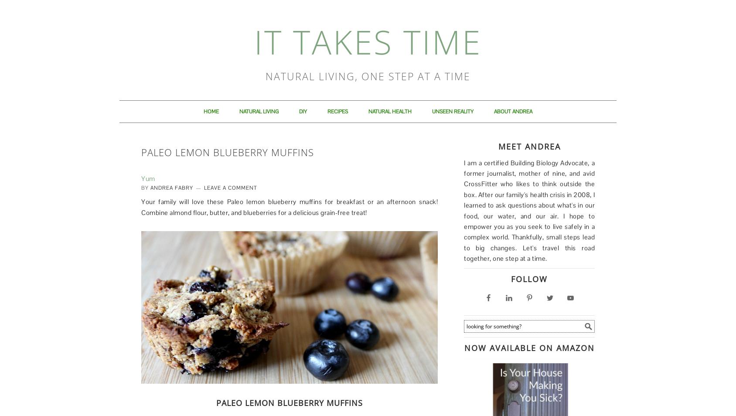 Image resolution: width=736 pixels, height=416 pixels. What do you see at coordinates (529, 210) in the screenshot?
I see `'I am a certified Building Biology Advocate, a former journalist, mother of nine, and avid CrossFitter who likes to think outside the box. After our family's health crisis in 2008, I learned to ask questions about what's in our food, our water, and our air.  I hope to empower you as you seek to live safely in a complex world. Thankfully, small steps lead to big changes. Let's travel this road together, one step at a time.'` at bounding box center [529, 210].